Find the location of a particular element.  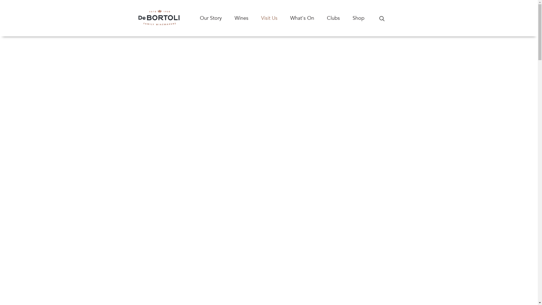

'Wines' is located at coordinates (248, 18).